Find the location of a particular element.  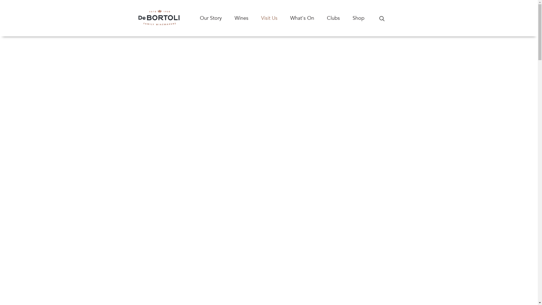

'Wines' is located at coordinates (248, 18).